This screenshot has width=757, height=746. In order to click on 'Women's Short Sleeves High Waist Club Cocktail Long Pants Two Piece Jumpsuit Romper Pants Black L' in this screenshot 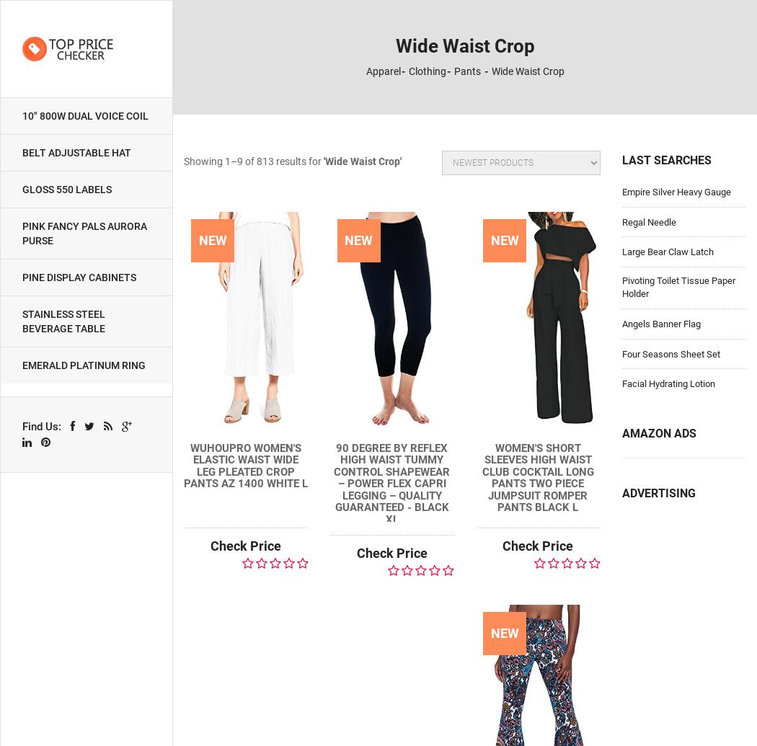, I will do `click(536, 476)`.